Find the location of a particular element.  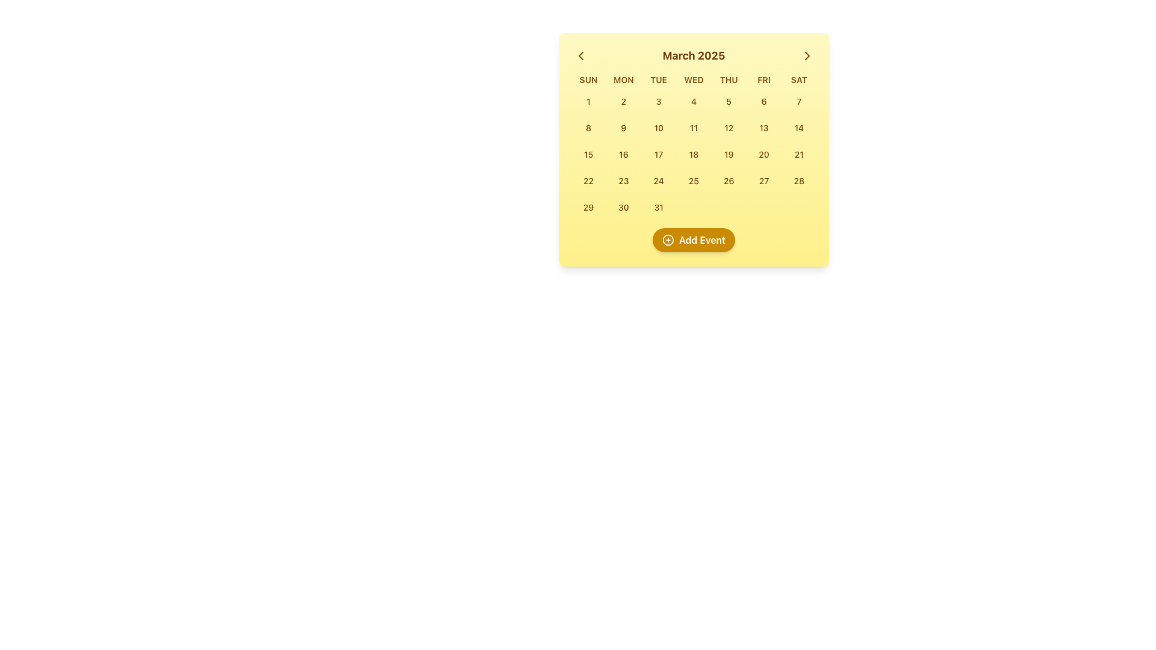

the calendar days grid, which is centrally located below the day headers and above the 'Add Event' button, displaying the days of the month in a structured format is located at coordinates (694, 154).